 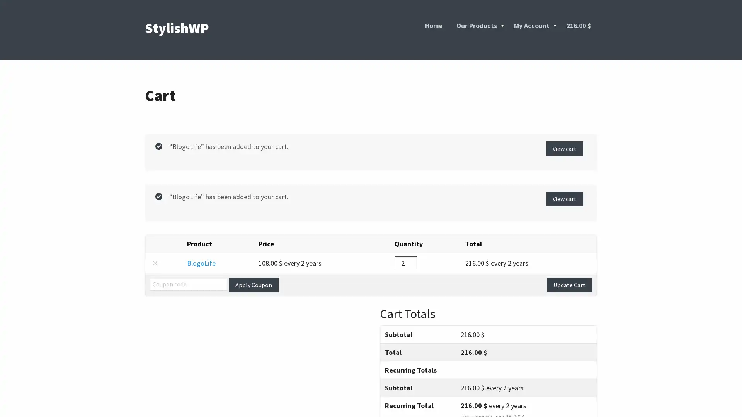 What do you see at coordinates (254, 284) in the screenshot?
I see `Apply Coupon` at bounding box center [254, 284].